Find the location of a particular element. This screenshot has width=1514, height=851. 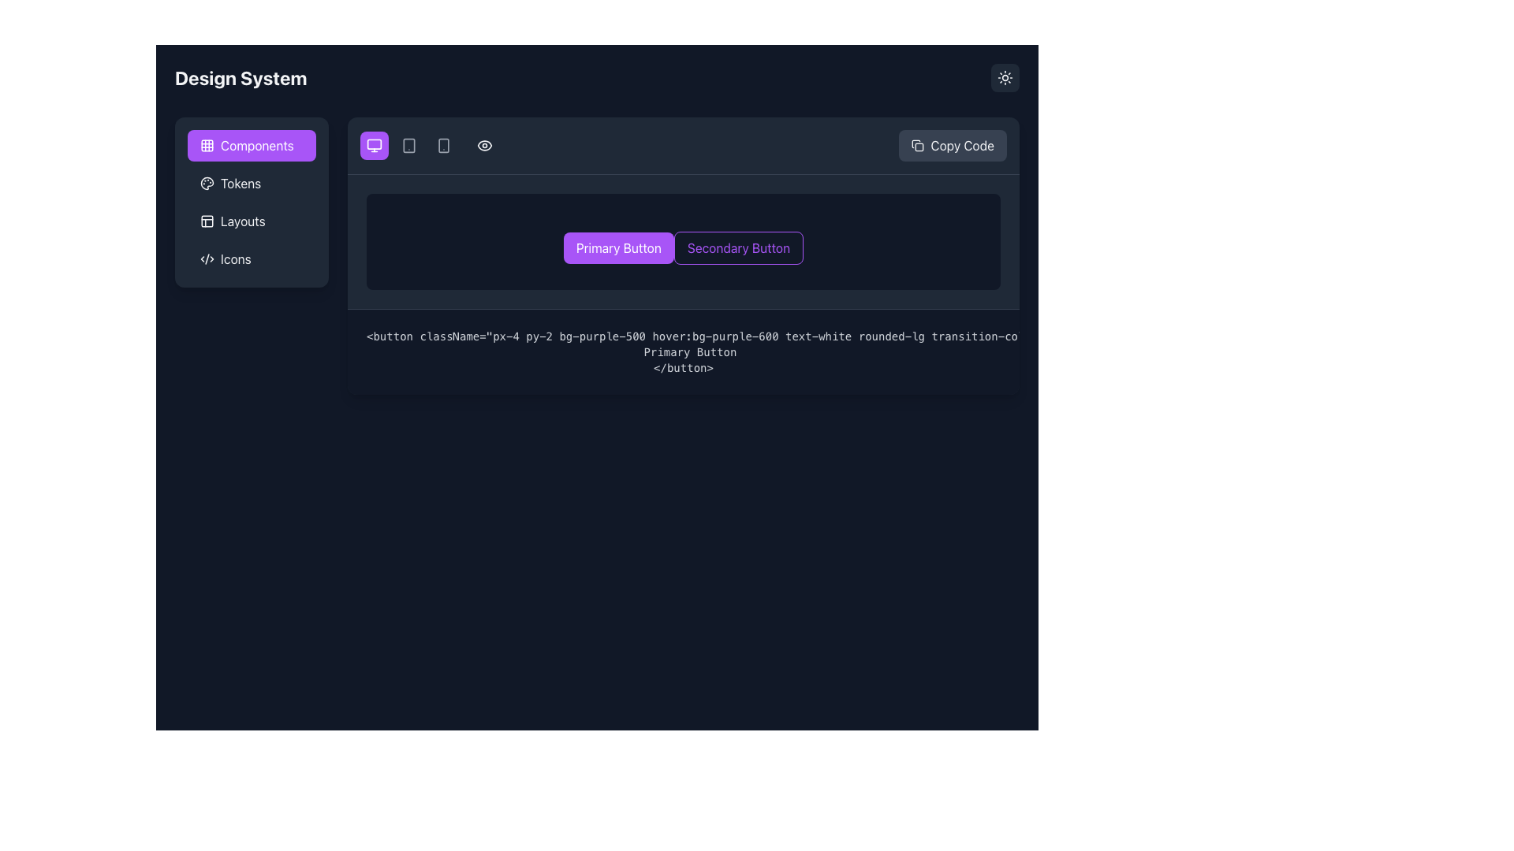

the small icon resembling a page or document within the 'Copy Code' button, positioned at the top-right corner of the interface is located at coordinates (918, 146).